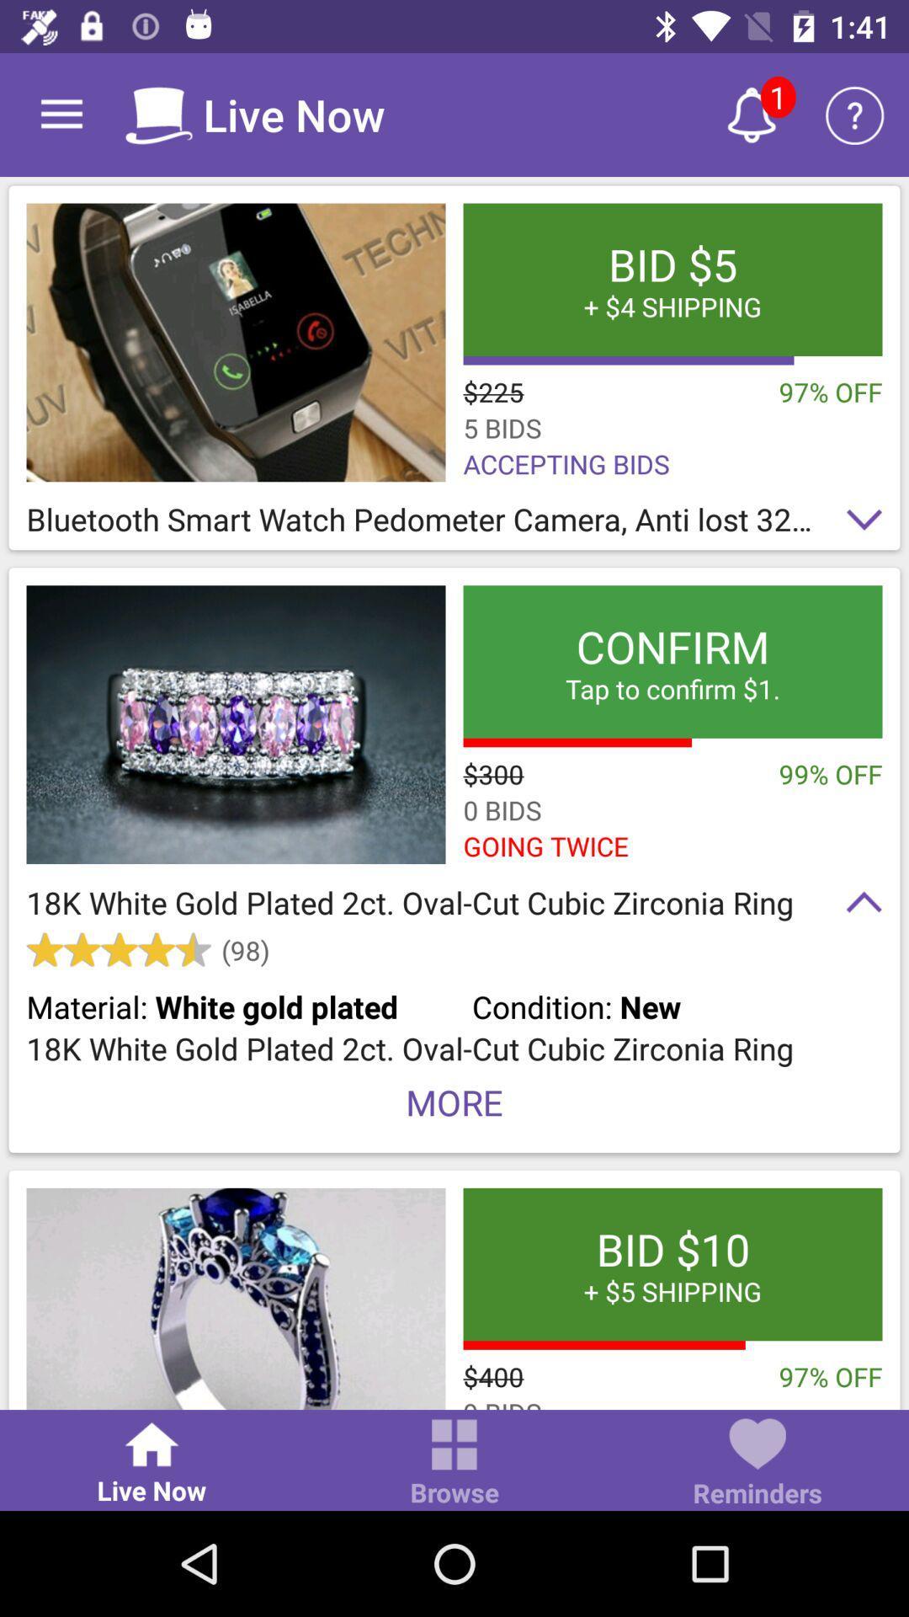 The width and height of the screenshot is (909, 1617). What do you see at coordinates (236, 341) in the screenshot?
I see `offer` at bounding box center [236, 341].